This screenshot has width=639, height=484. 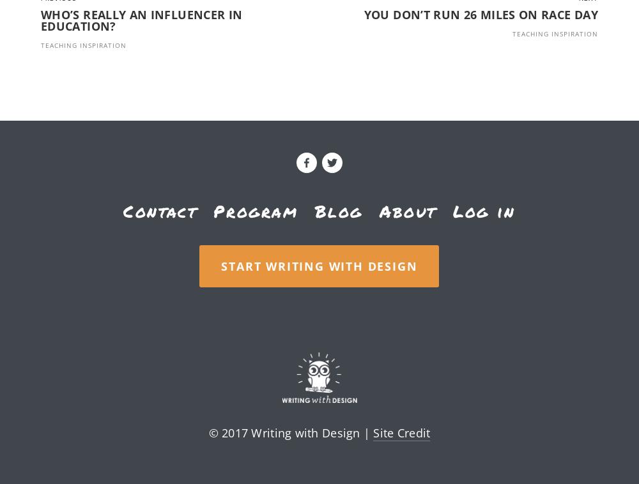 I want to click on 'Site Credit', so click(x=401, y=432).